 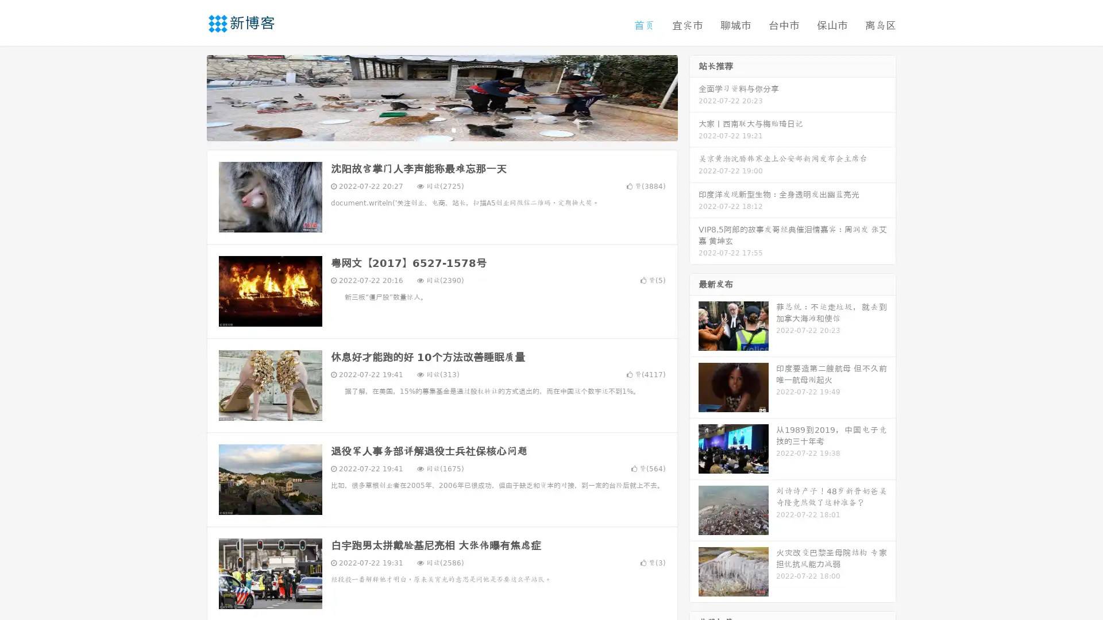 I want to click on Next slide, so click(x=694, y=96).